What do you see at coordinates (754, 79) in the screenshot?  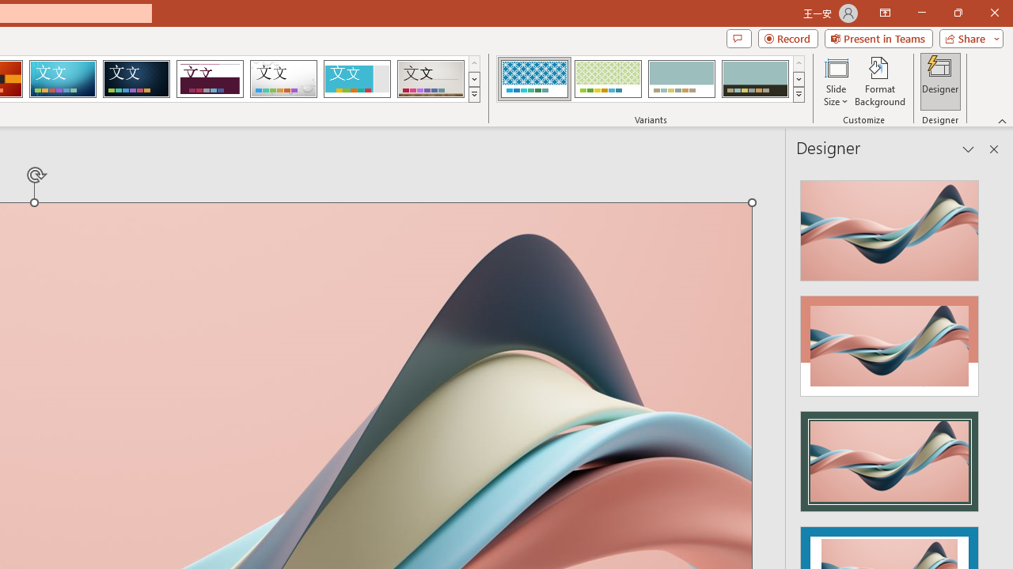 I see `'Integral Variant 4'` at bounding box center [754, 79].